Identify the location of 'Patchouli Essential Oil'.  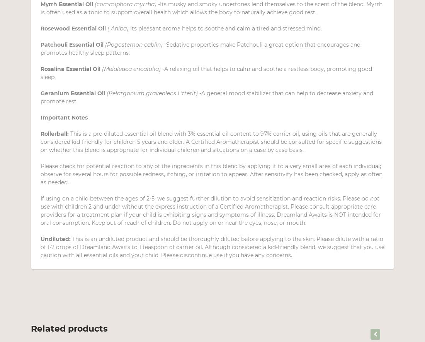
(41, 45).